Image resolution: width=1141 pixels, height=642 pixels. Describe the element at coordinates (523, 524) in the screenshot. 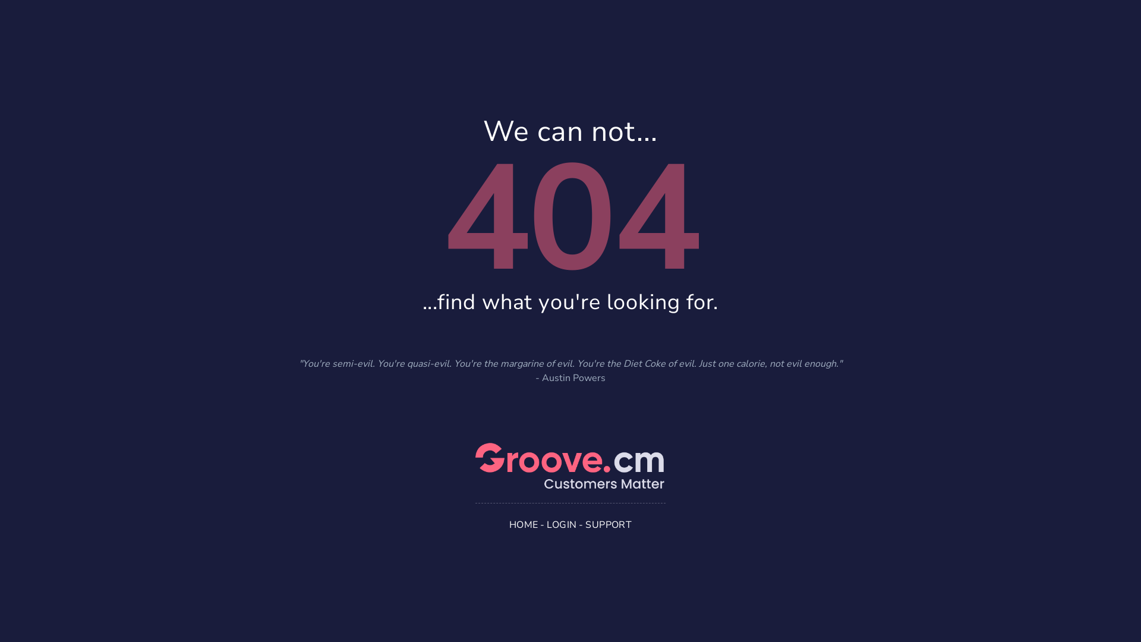

I see `'HOME'` at that location.